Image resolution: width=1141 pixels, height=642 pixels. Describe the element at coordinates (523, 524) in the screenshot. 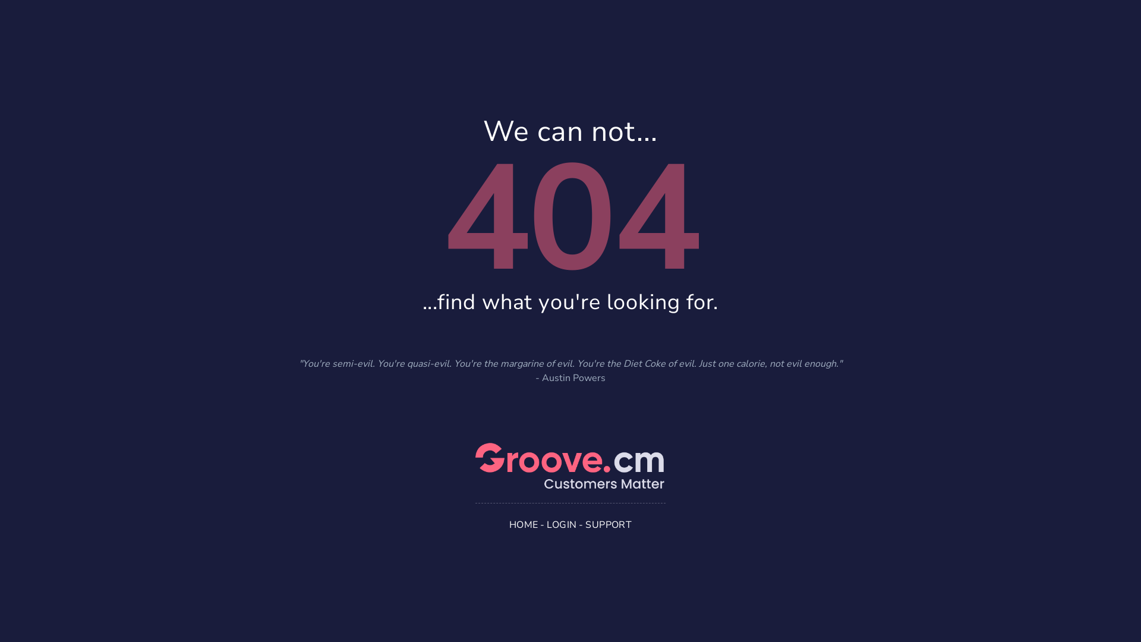

I see `'HOME'` at that location.